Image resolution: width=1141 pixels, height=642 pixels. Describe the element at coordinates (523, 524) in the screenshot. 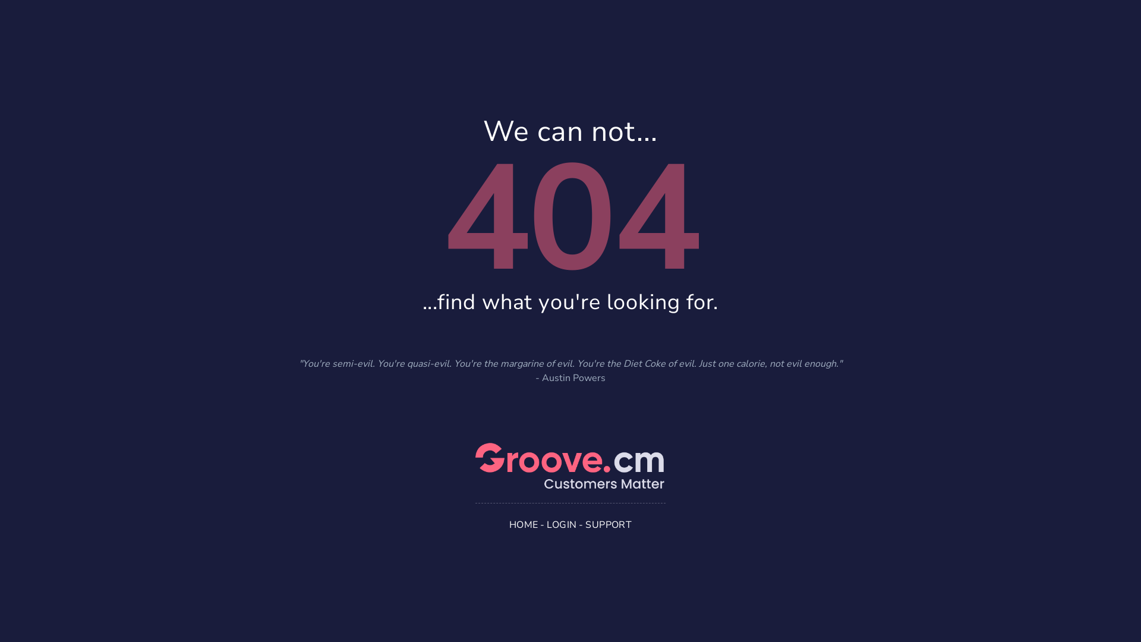

I see `'HOME'` at that location.